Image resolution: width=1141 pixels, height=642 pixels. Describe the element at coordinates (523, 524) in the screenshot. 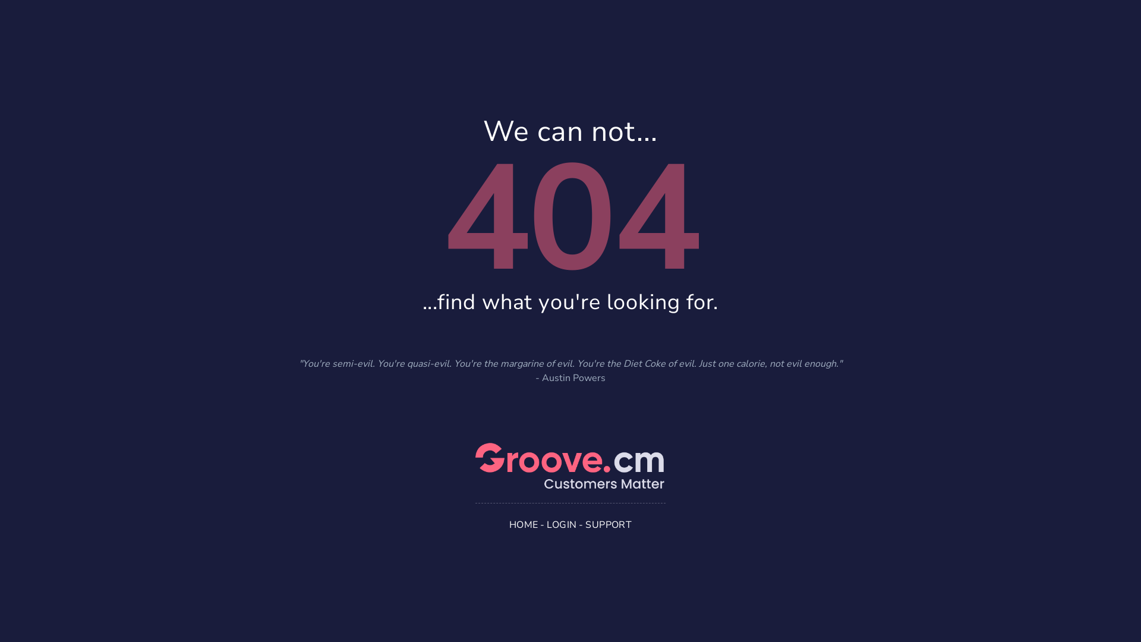

I see `'HOME'` at that location.